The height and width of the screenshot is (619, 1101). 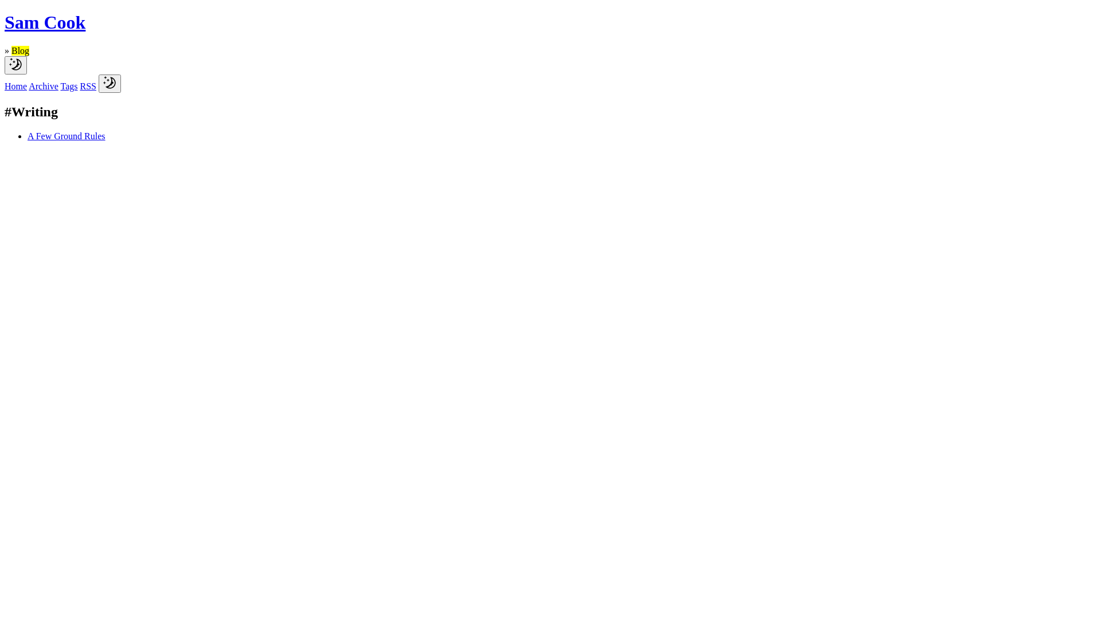 What do you see at coordinates (28, 135) in the screenshot?
I see `'A Few Ground Rules'` at bounding box center [28, 135].